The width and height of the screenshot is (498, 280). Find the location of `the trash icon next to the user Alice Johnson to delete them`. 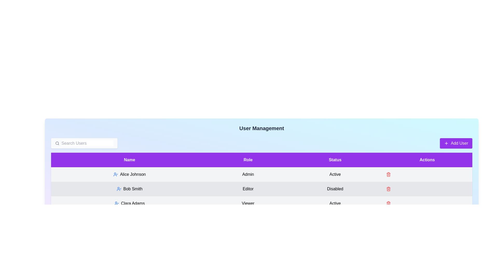

the trash icon next to the user Alice Johnson to delete them is located at coordinates (388, 174).